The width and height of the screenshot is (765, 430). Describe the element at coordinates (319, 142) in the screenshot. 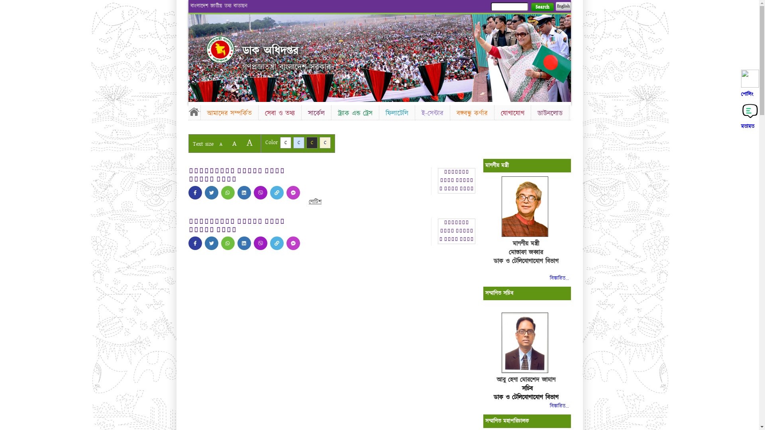

I see `'C'` at that location.